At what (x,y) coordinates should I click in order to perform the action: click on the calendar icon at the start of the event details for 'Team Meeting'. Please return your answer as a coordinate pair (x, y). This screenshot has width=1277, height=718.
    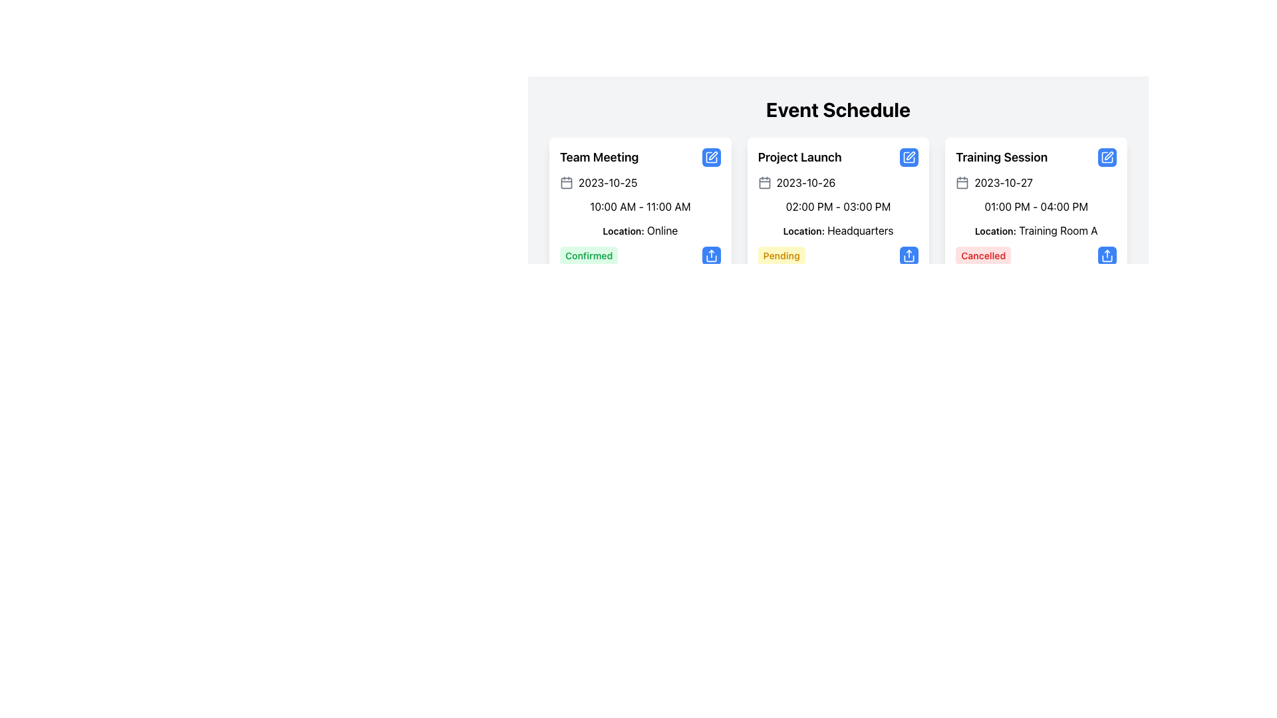
    Looking at the image, I should click on (566, 182).